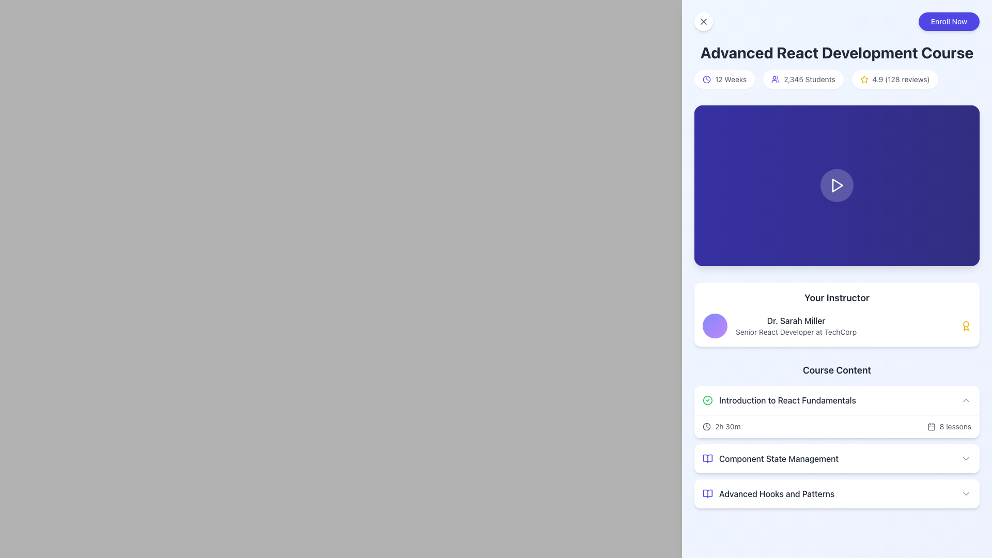  What do you see at coordinates (796, 320) in the screenshot?
I see `the text label displaying 'Dr. Sarah Miller', which is part of the instructor's profile section in a light-colored card, located near the center-right of the card, above the subtitle 'Senior React Developer at TechCorp'` at bounding box center [796, 320].